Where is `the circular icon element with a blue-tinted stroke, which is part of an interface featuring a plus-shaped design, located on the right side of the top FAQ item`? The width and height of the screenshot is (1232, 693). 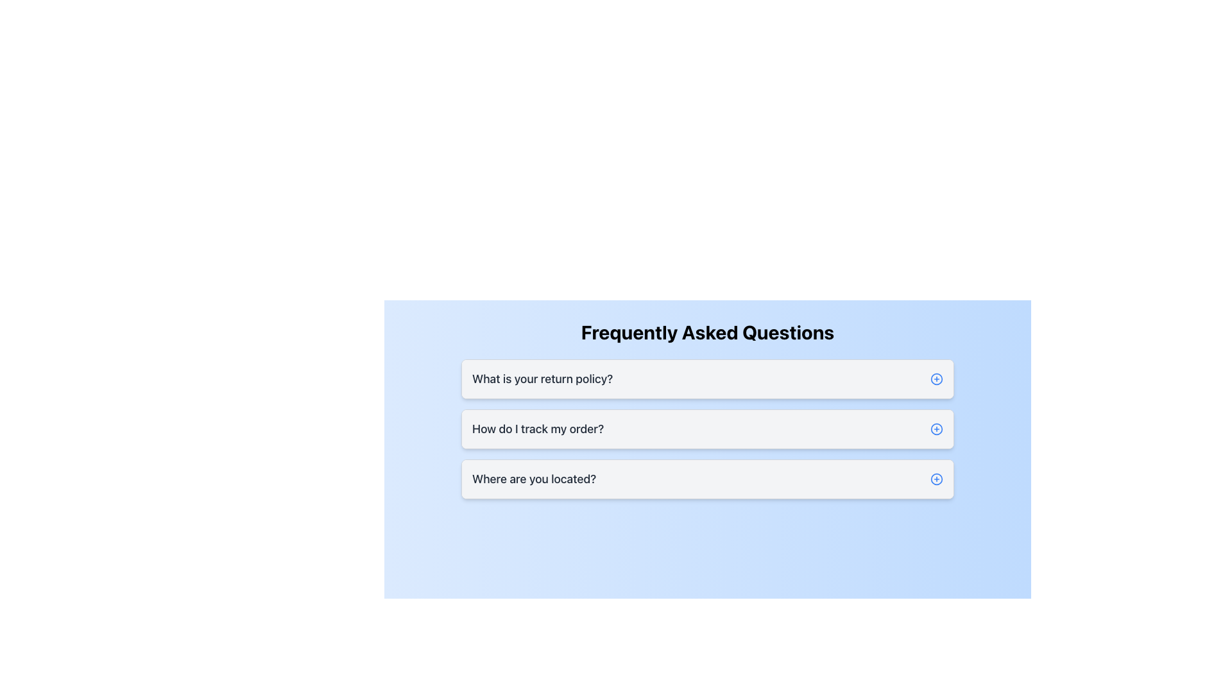 the circular icon element with a blue-tinted stroke, which is part of an interface featuring a plus-shaped design, located on the right side of the top FAQ item is located at coordinates (936, 378).